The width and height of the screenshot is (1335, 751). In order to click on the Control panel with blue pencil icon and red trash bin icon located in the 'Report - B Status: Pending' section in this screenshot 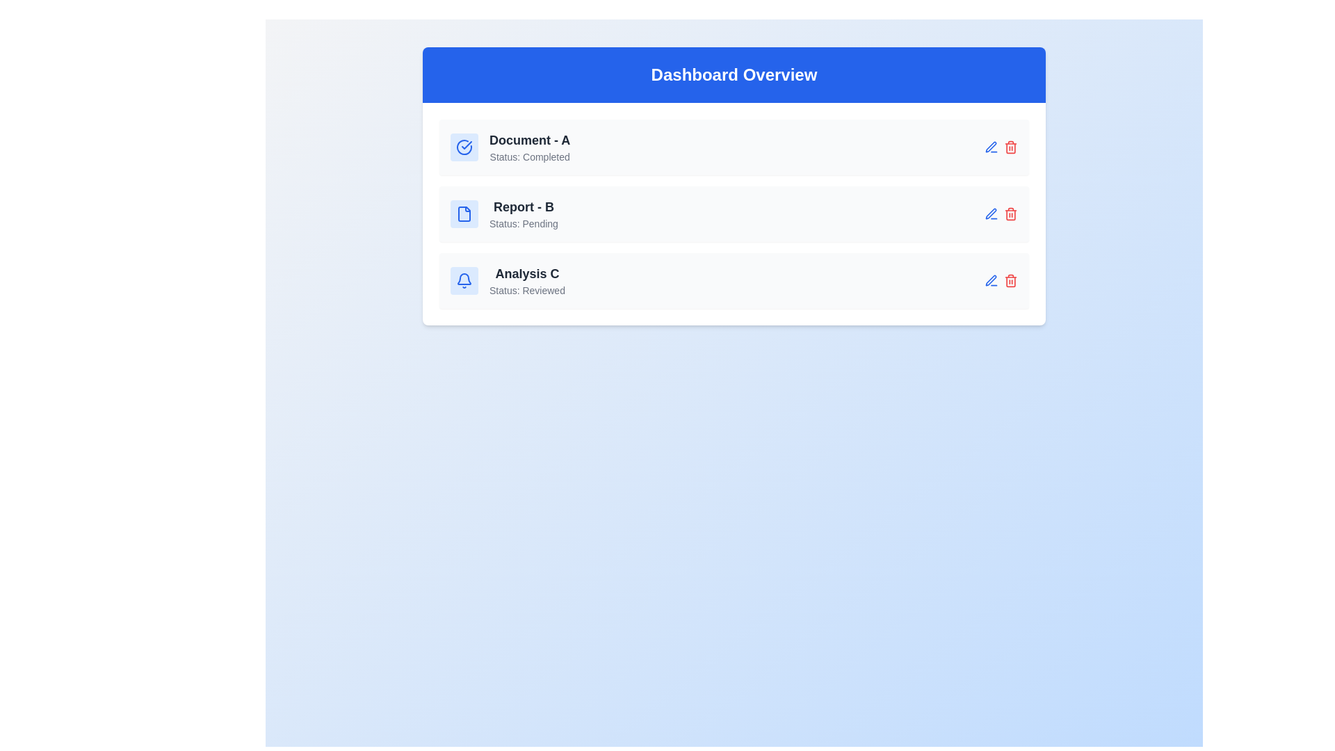, I will do `click(1001, 214)`.